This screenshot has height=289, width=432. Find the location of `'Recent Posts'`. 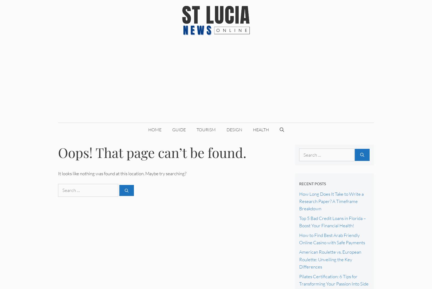

'Recent Posts' is located at coordinates (312, 183).